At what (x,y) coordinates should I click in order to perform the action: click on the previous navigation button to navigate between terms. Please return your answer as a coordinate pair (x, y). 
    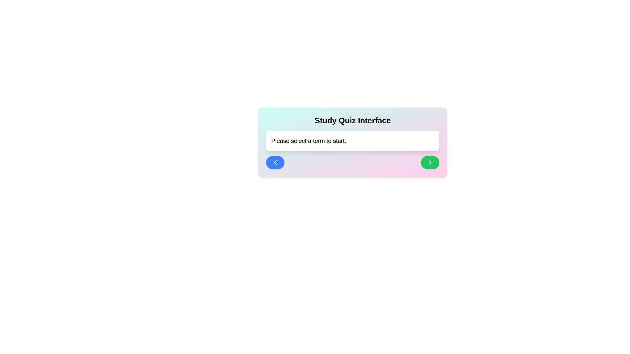
    Looking at the image, I should click on (275, 162).